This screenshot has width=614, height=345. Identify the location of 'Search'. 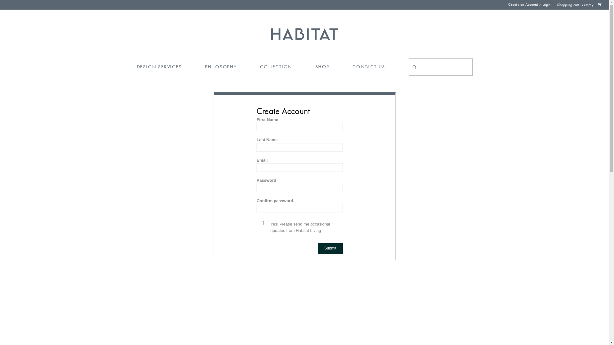
(472, 58).